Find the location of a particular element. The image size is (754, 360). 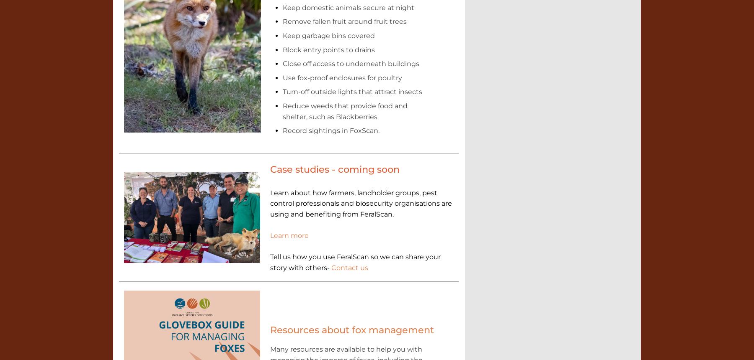

'Use fox-proof enclosures for poultry' is located at coordinates (342, 77).